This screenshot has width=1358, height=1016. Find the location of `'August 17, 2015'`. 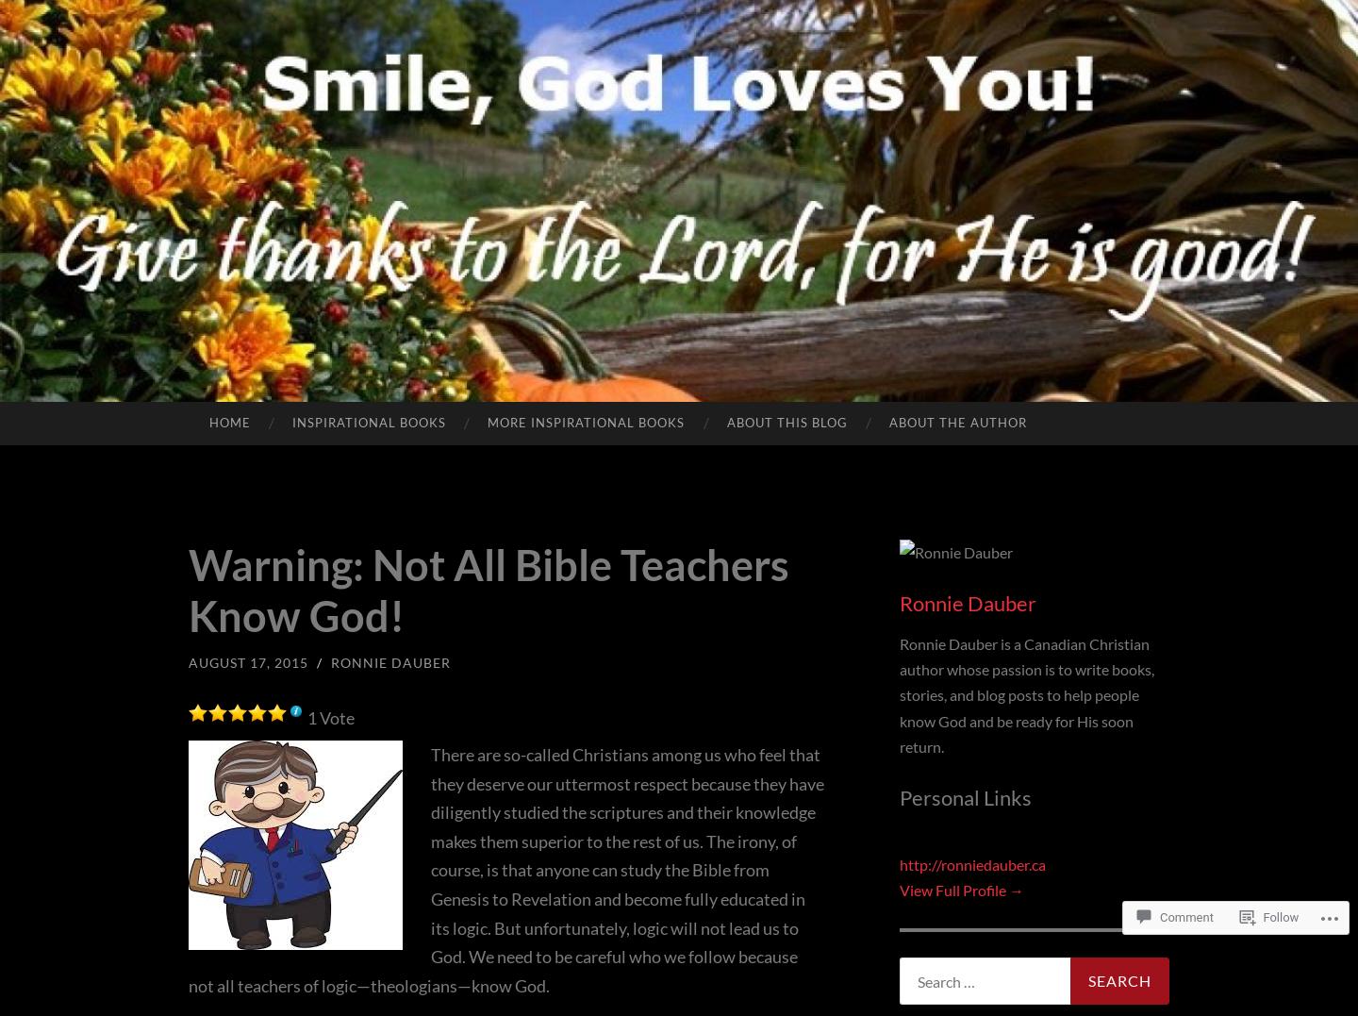

'August 17, 2015' is located at coordinates (189, 661).